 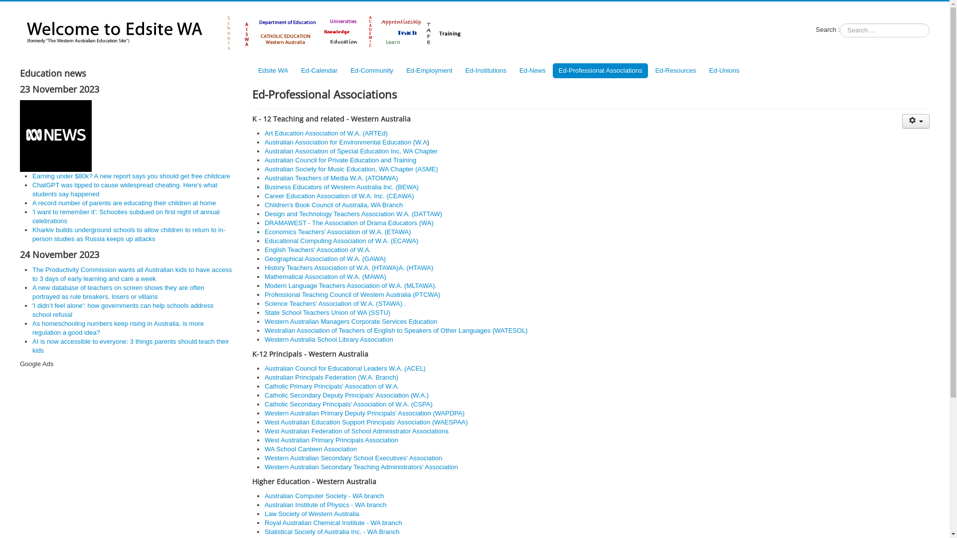 I want to click on 'WA School Canteen Association', so click(x=310, y=449).